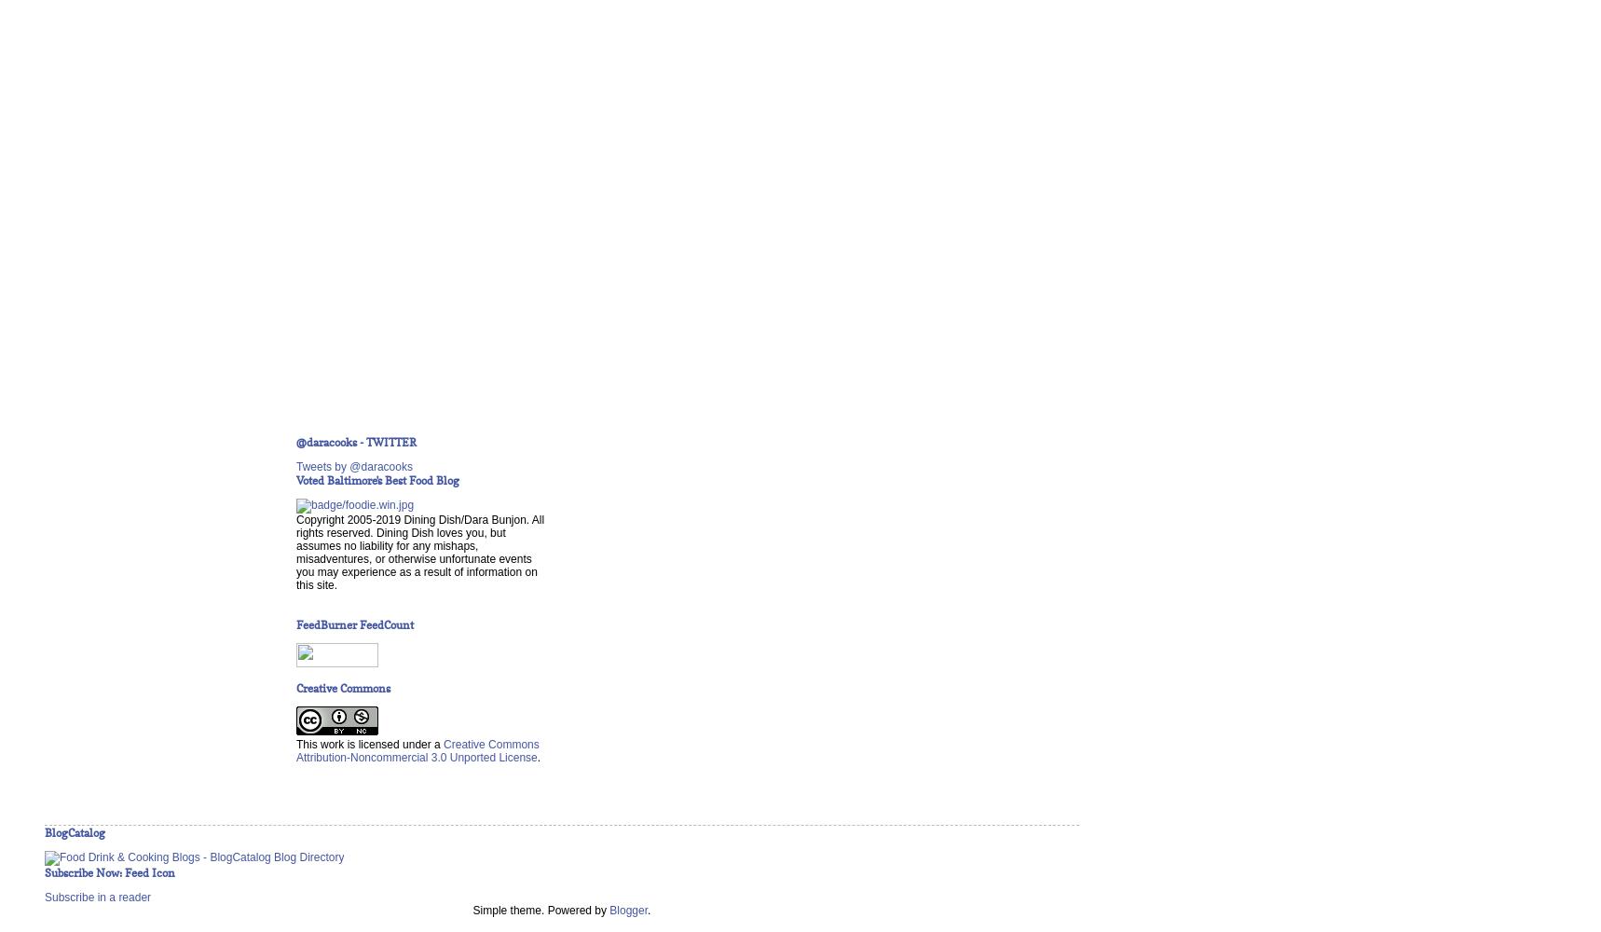  What do you see at coordinates (376, 480) in the screenshot?
I see `'Voted Baltimore's Best Food Blog'` at bounding box center [376, 480].